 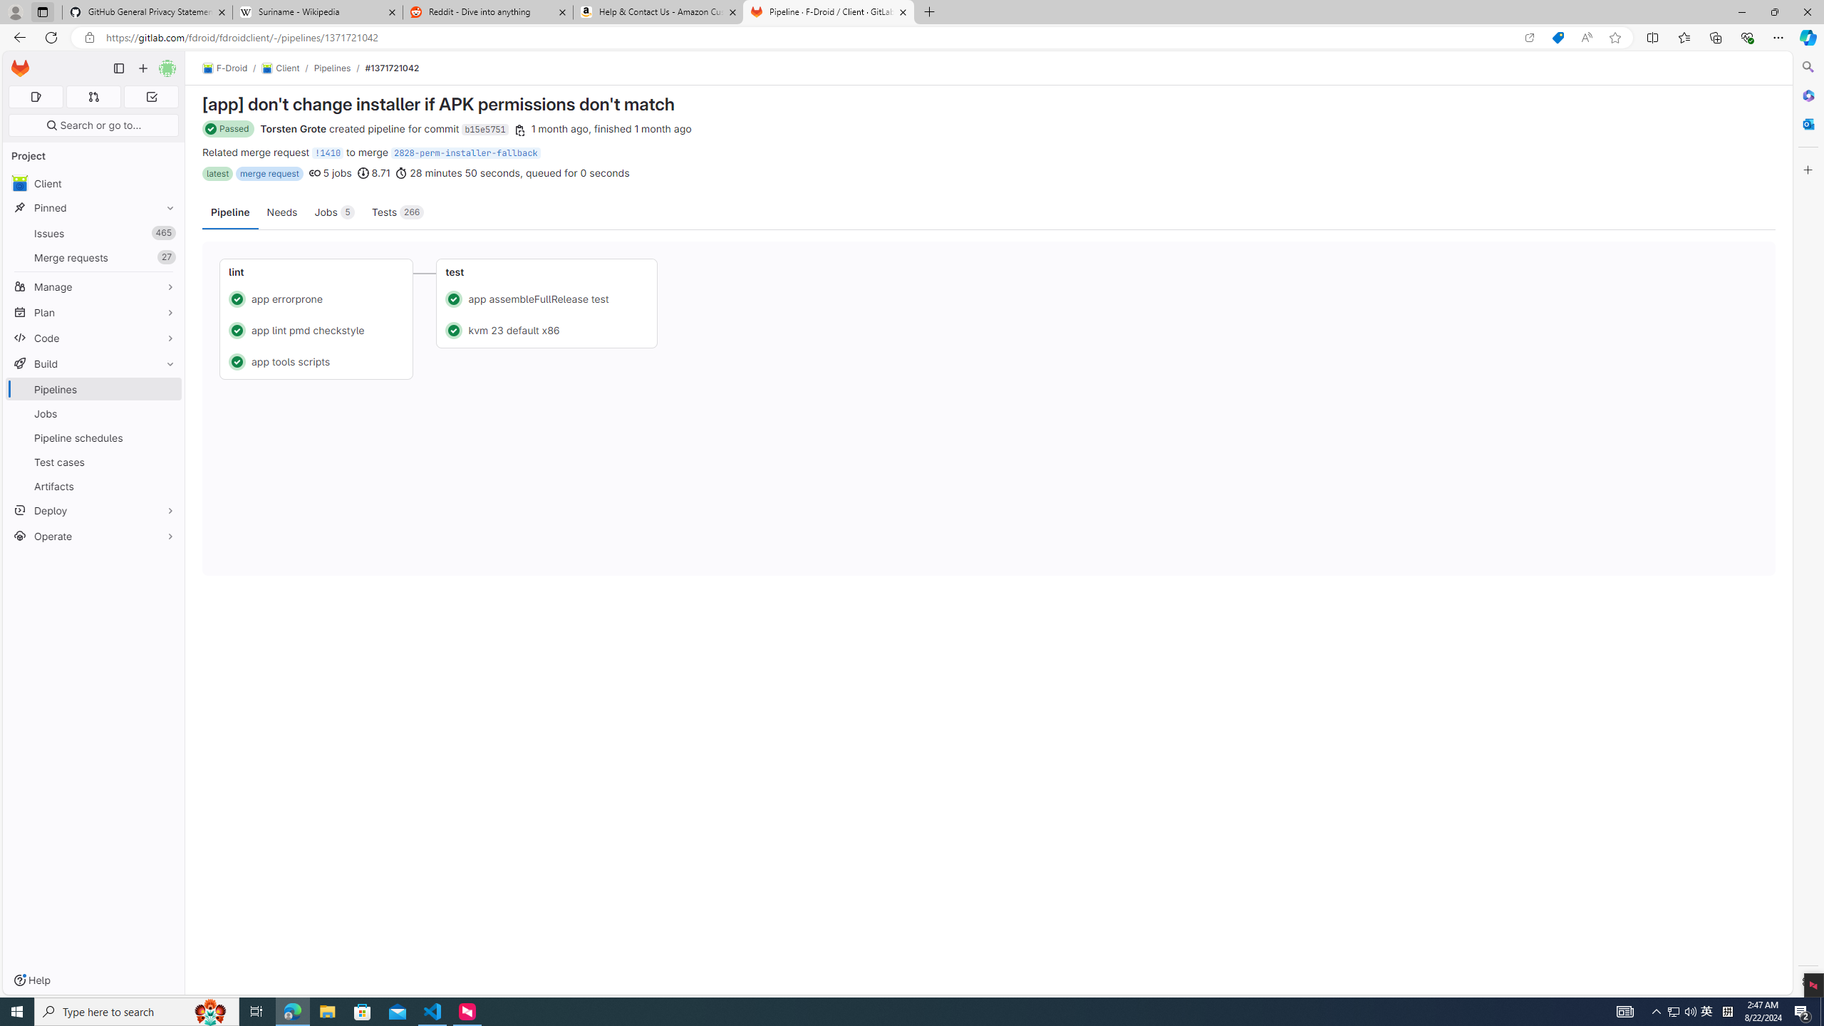 I want to click on 'Test cases', so click(x=93, y=461).